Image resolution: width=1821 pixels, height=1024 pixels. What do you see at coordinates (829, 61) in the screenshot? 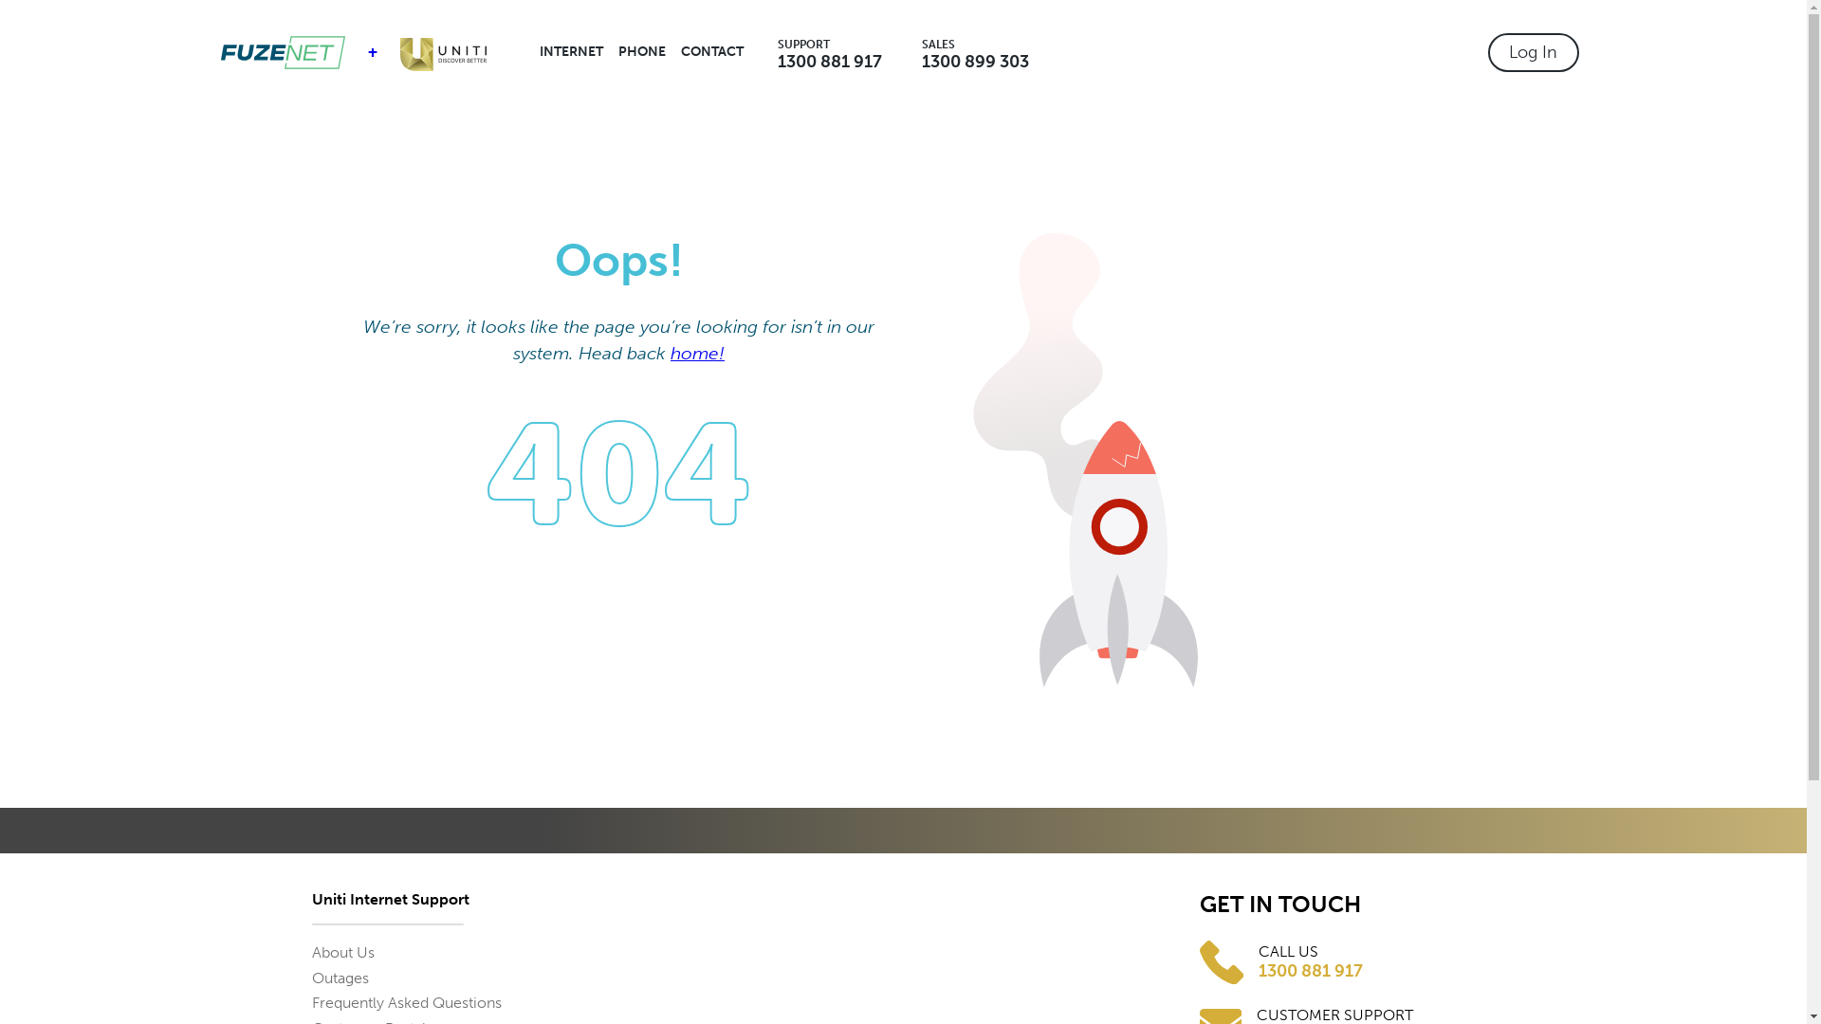
I see `'1300 881 917'` at bounding box center [829, 61].